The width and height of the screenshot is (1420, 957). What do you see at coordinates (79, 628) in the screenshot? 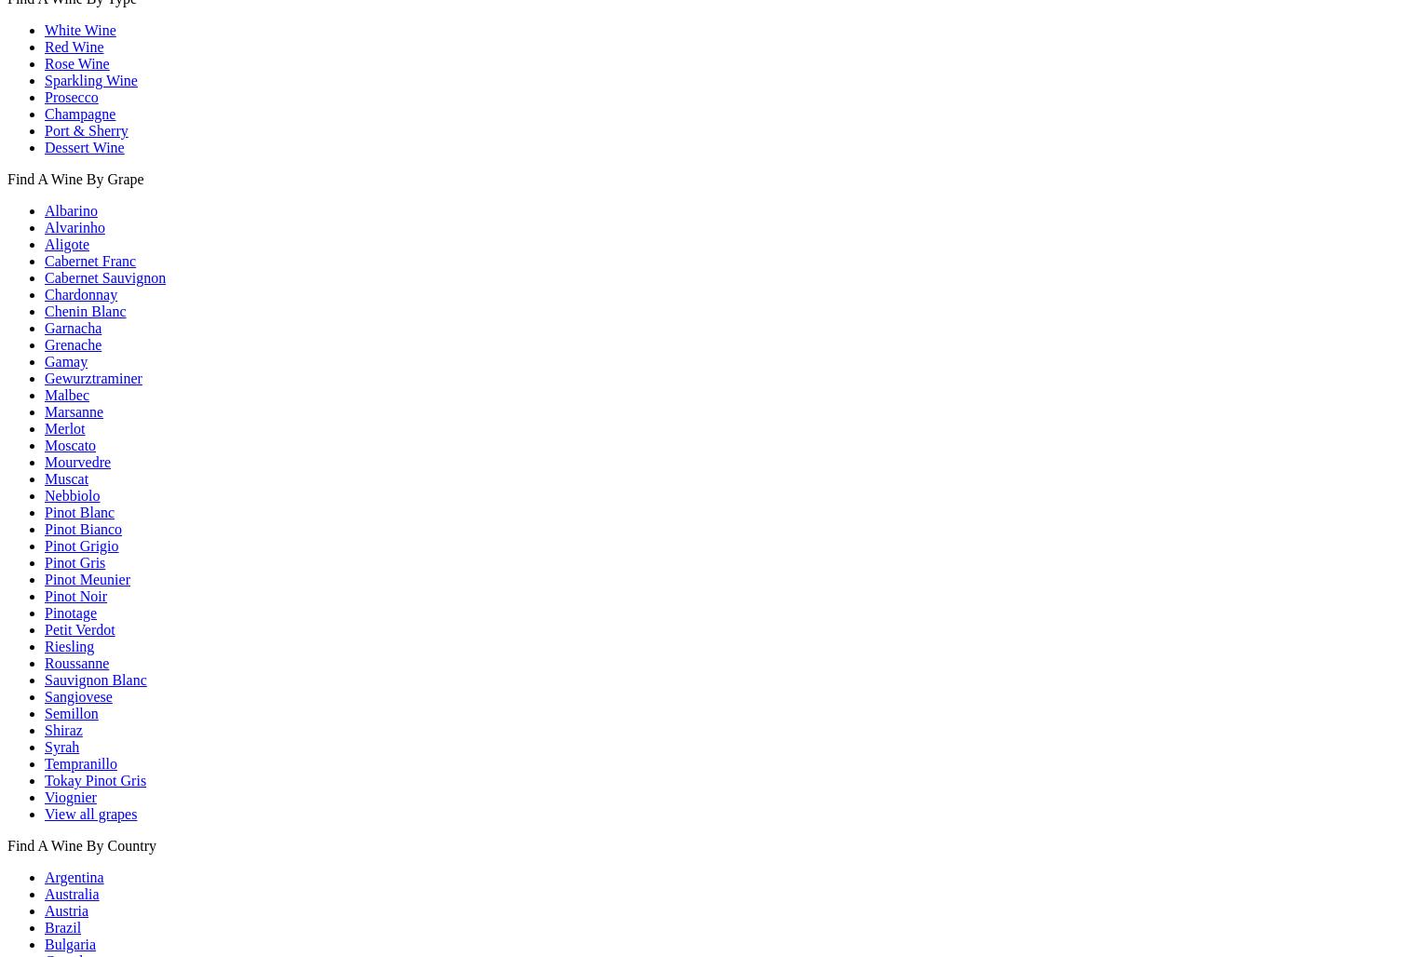
I see `'Petit Verdot'` at bounding box center [79, 628].